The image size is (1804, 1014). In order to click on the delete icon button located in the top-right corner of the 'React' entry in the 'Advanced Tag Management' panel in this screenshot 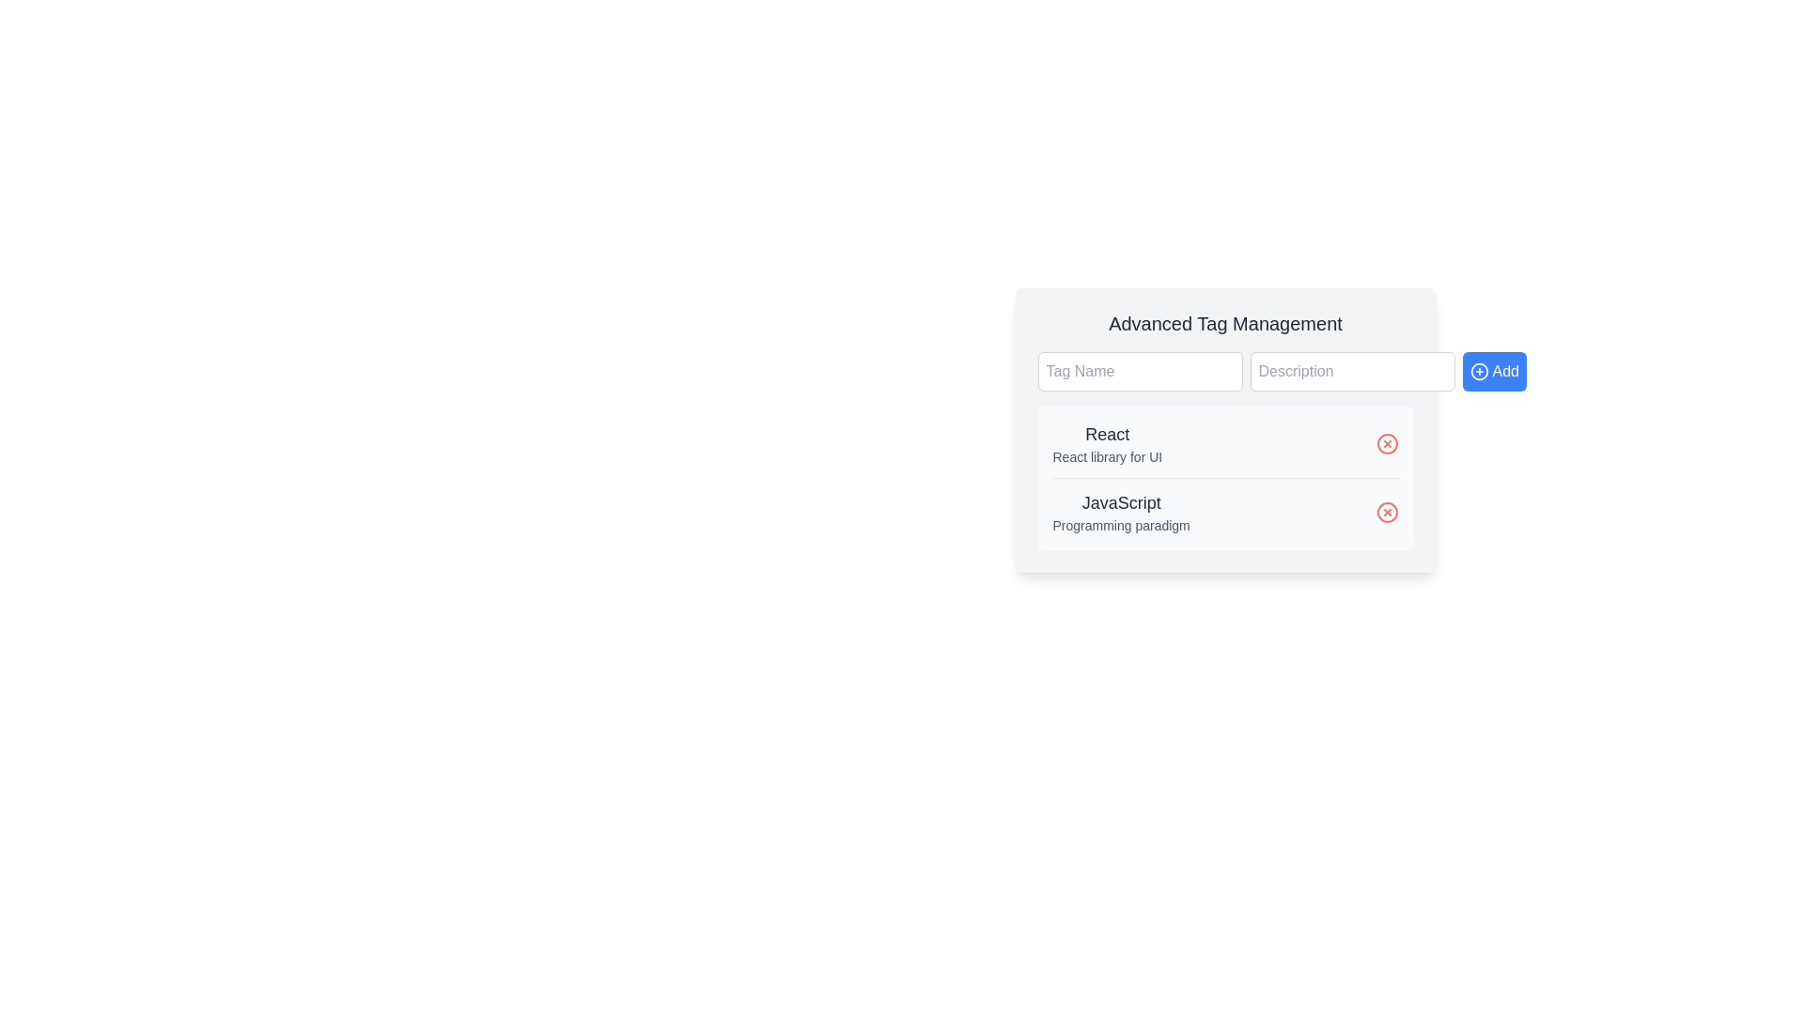, I will do `click(1387, 444)`.